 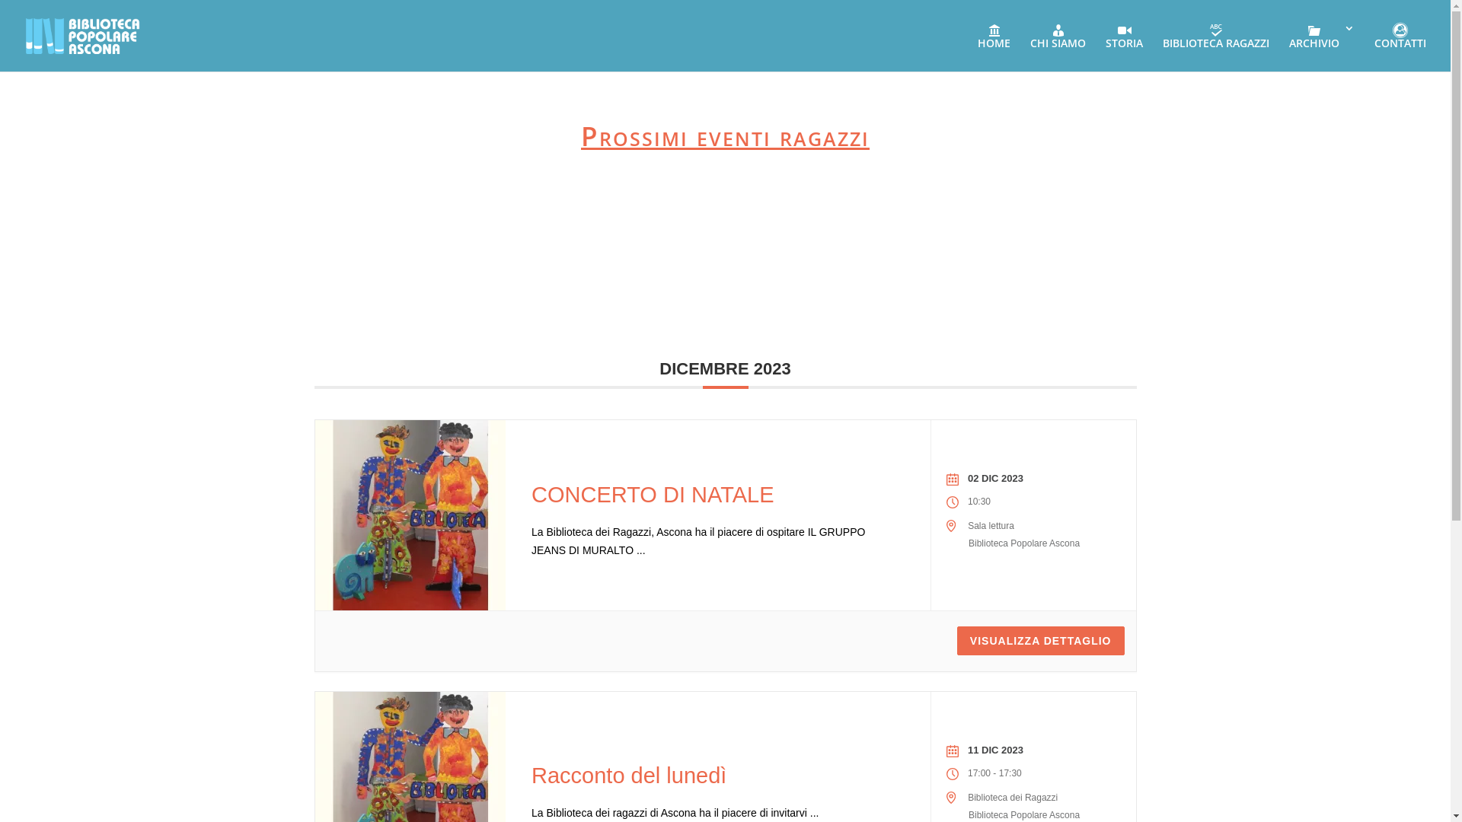 I want to click on 'CHI SIAMO', so click(x=1057, y=46).